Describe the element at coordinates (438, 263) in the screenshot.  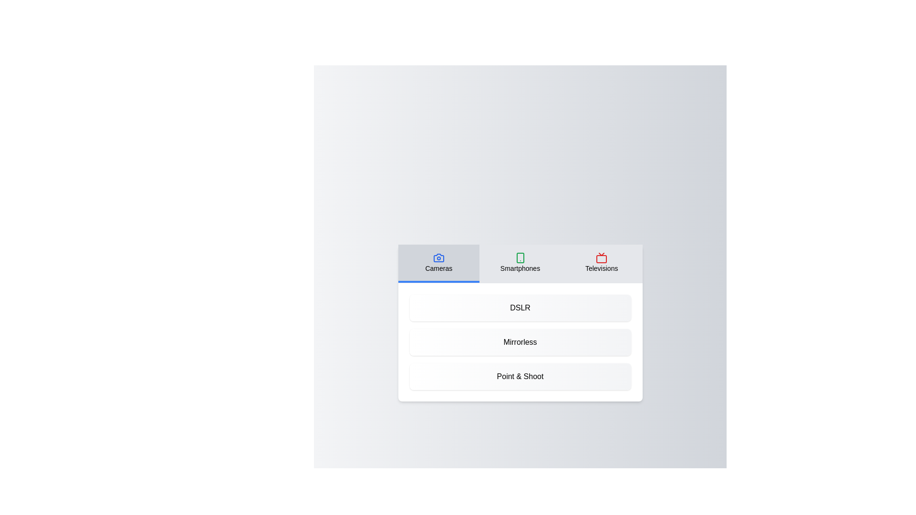
I see `the tab labeled Cameras to observe its hover effect` at that location.